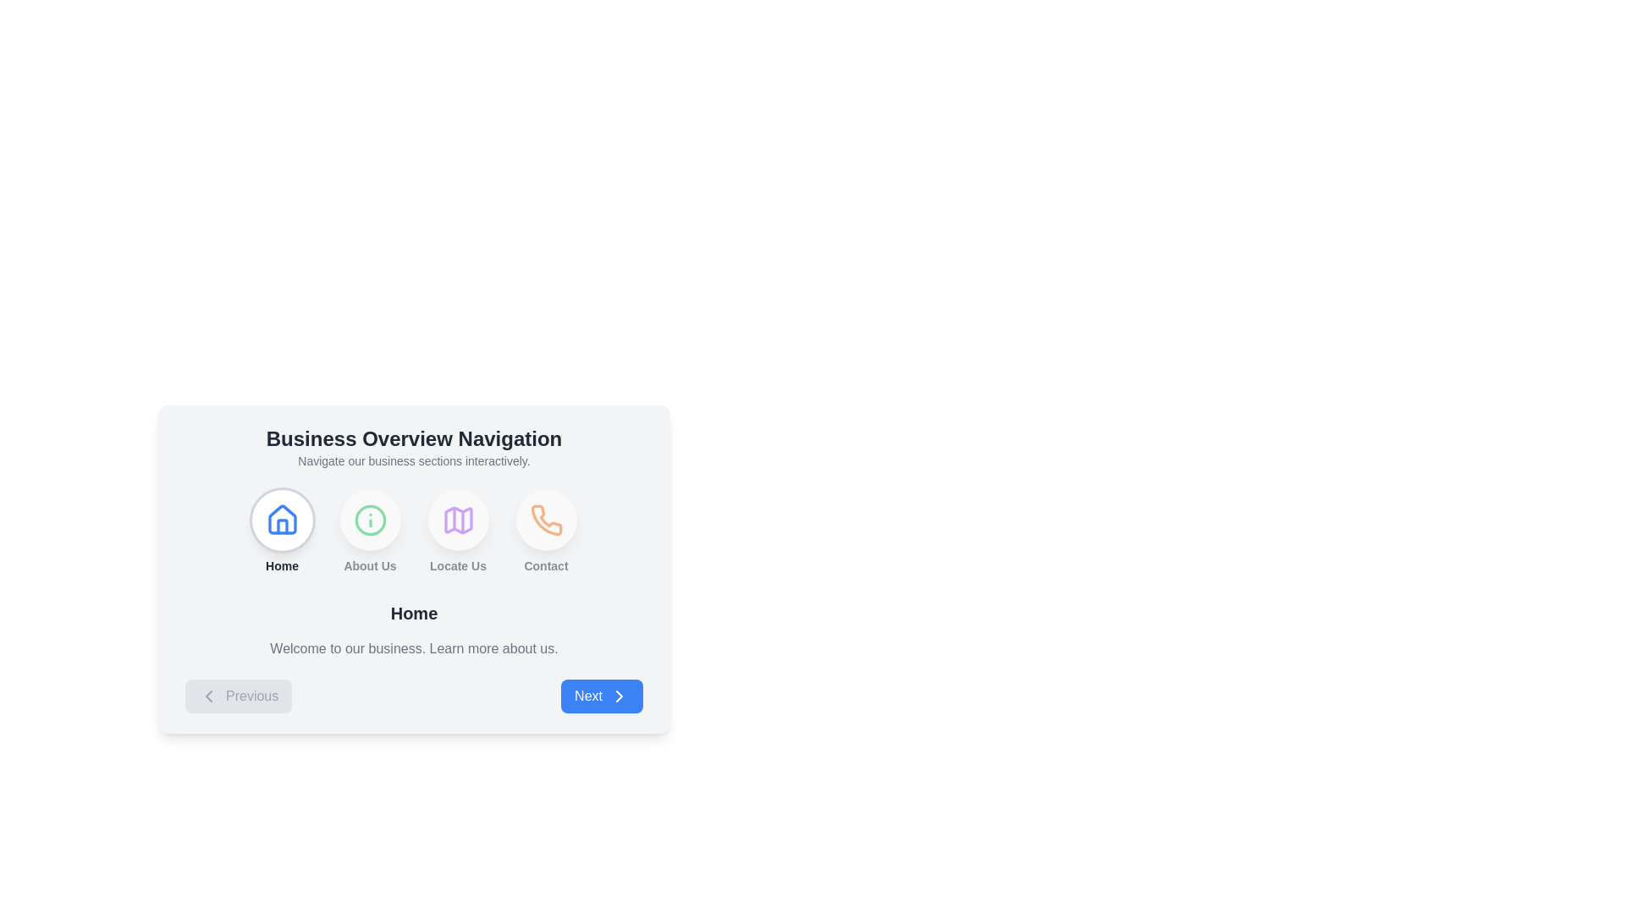  What do you see at coordinates (458, 531) in the screenshot?
I see `the 'Locate Us' button, which is the third icon in the navigation menu, positioned between 'About Us' and 'Contact' icons` at bounding box center [458, 531].